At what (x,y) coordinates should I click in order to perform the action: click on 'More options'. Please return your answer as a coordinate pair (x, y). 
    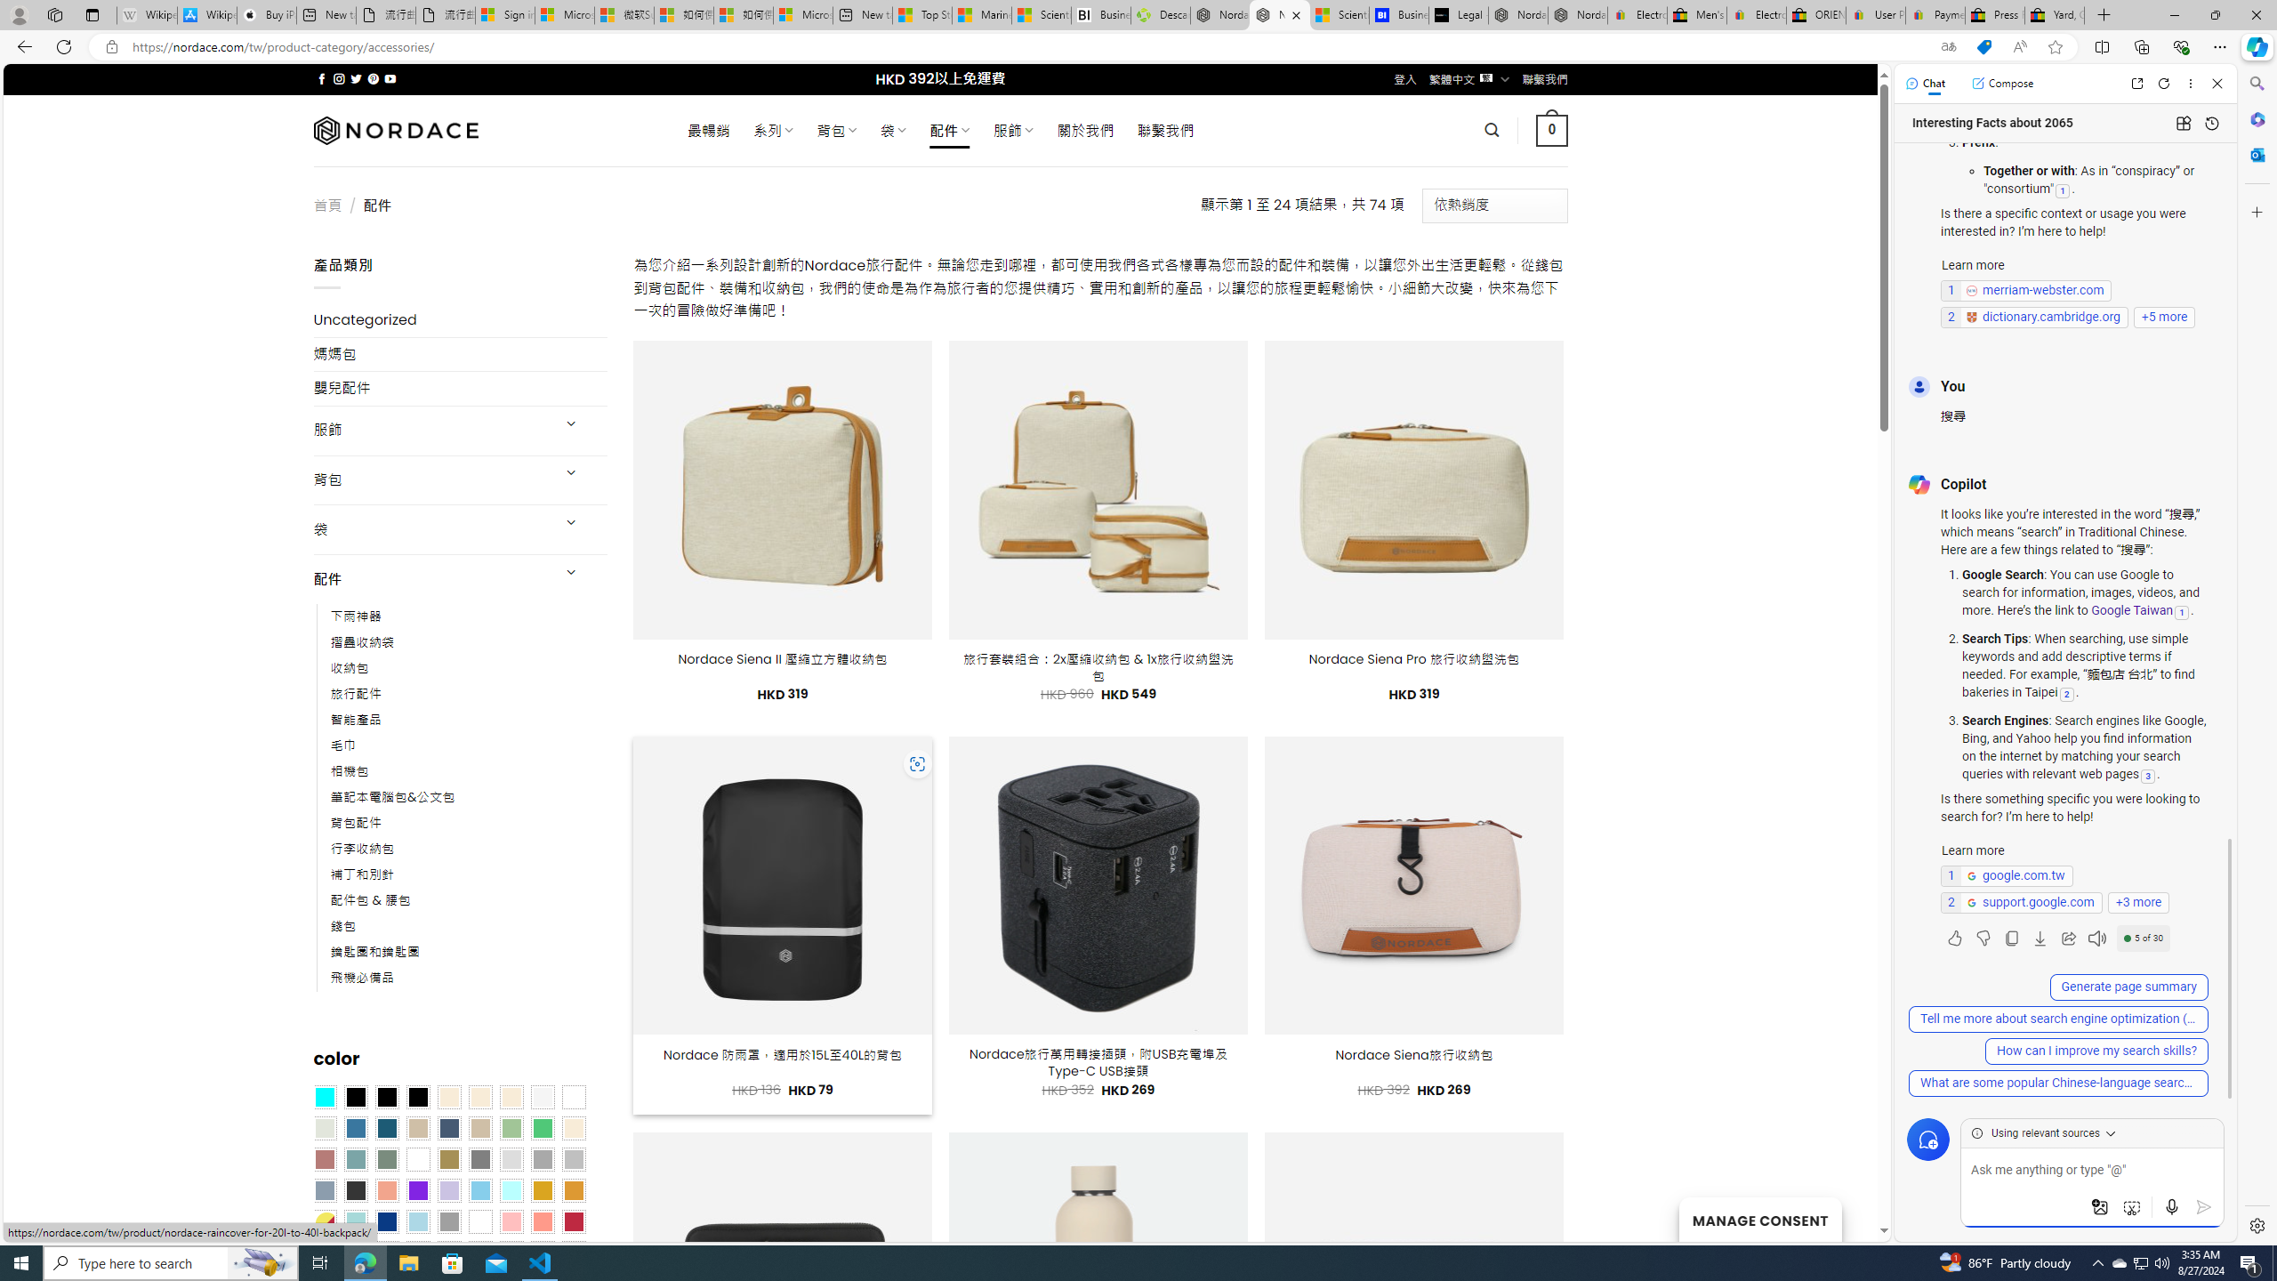
    Looking at the image, I should click on (2191, 83).